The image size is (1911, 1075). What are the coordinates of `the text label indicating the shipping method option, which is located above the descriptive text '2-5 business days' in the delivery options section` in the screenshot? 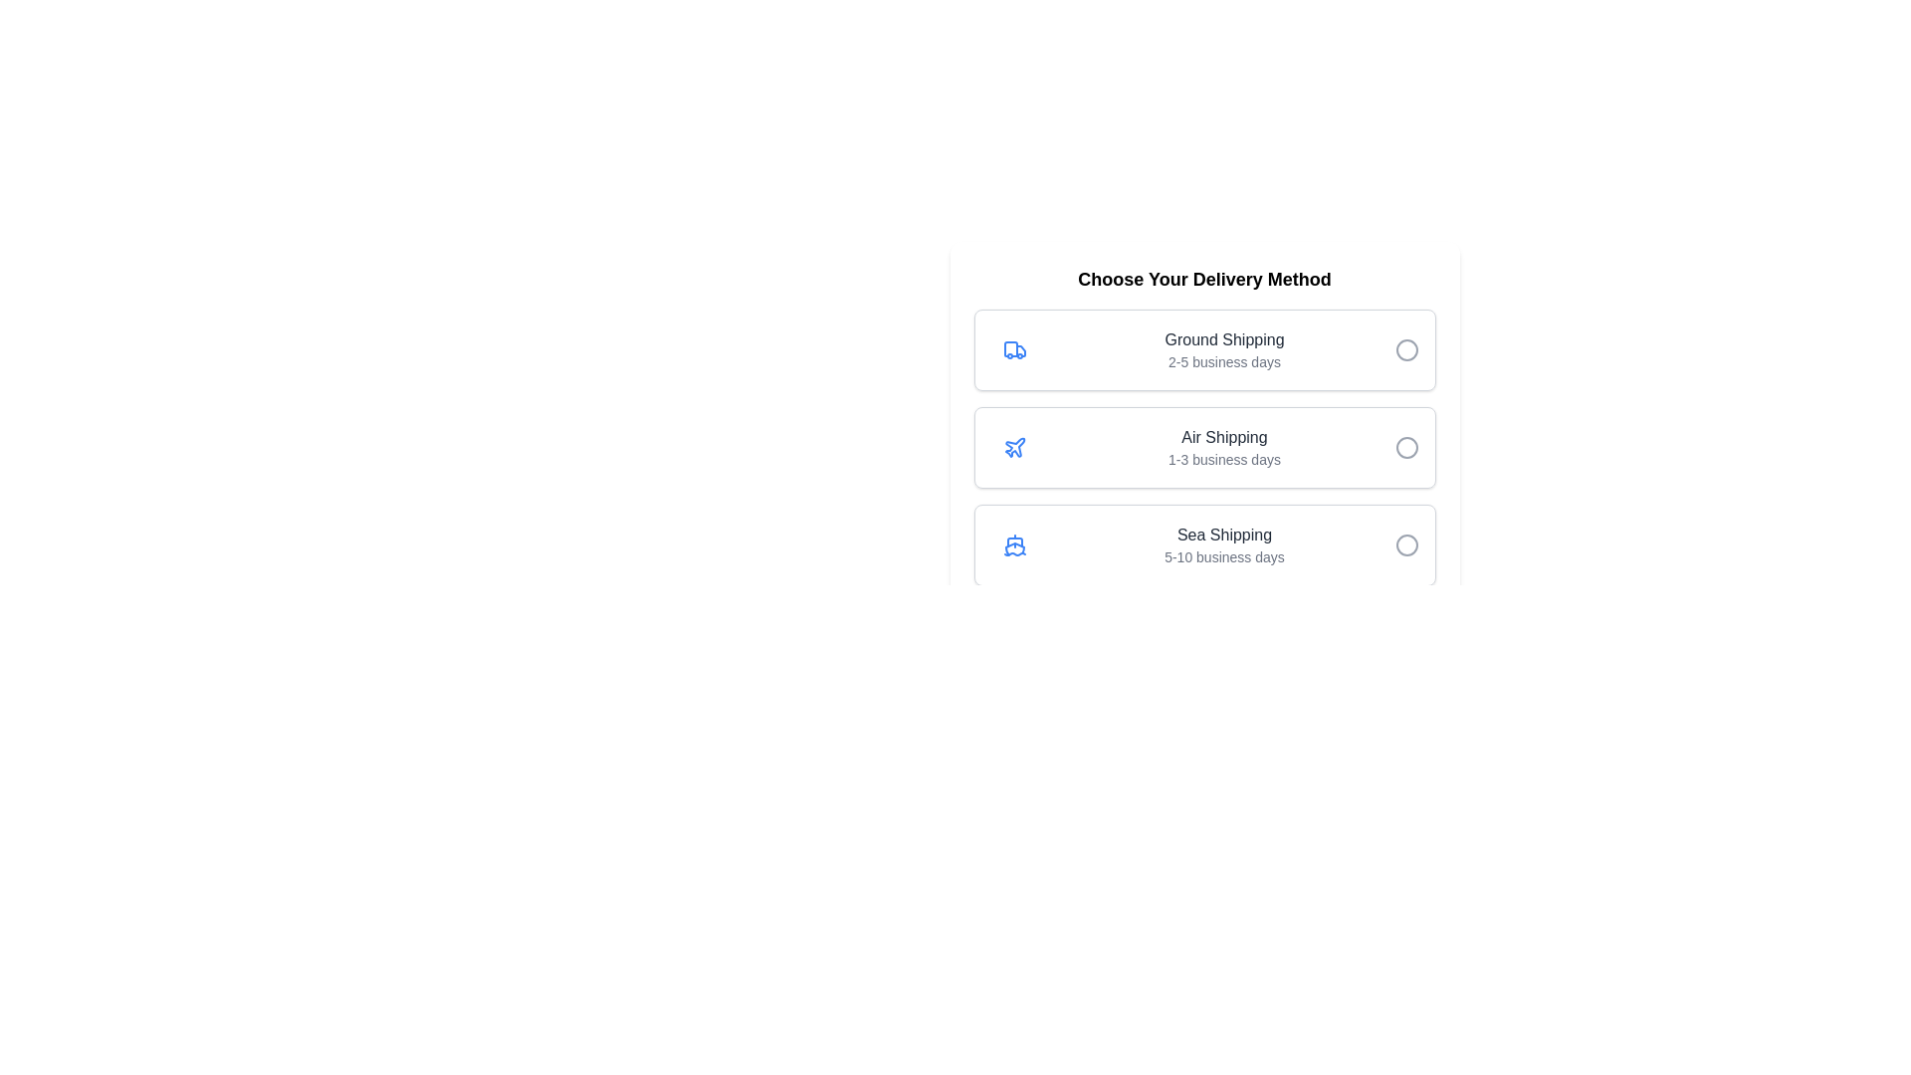 It's located at (1223, 339).